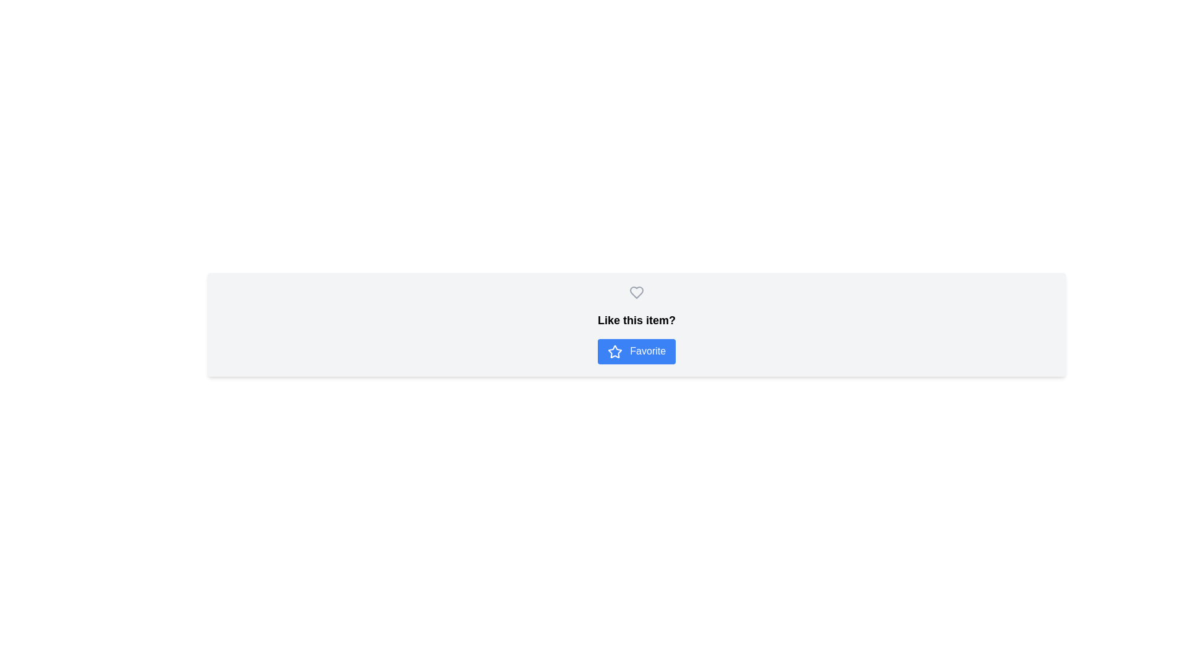 Image resolution: width=1187 pixels, height=667 pixels. What do you see at coordinates (637, 293) in the screenshot?
I see `the 'favorite' or 'like' icon, which is visually represented as a heart and centrally positioned above a text label and a button` at bounding box center [637, 293].